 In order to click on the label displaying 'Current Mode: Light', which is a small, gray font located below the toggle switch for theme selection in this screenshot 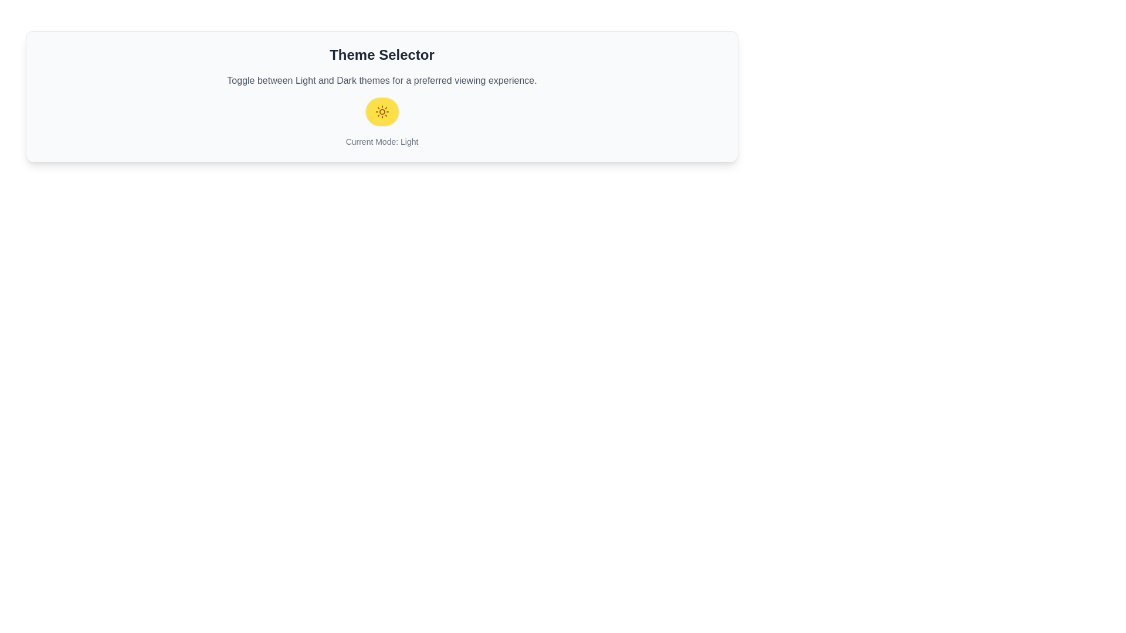, I will do `click(382, 141)`.